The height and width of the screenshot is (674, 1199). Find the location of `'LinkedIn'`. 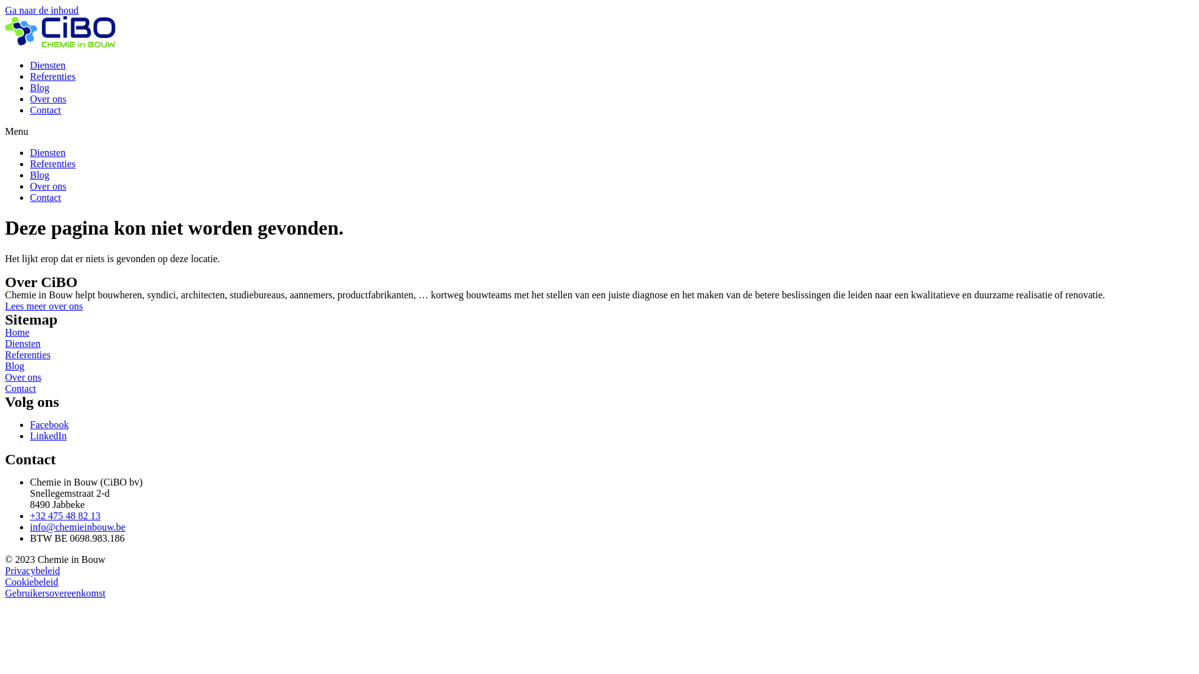

'LinkedIn' is located at coordinates (48, 435).